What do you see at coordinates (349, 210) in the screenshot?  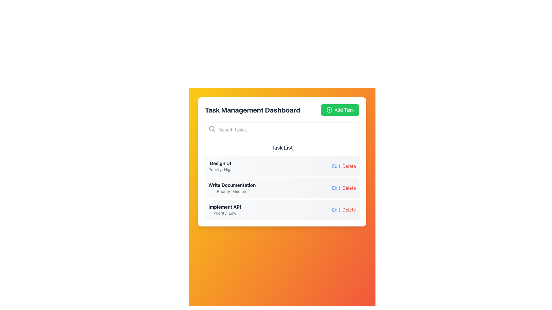 I see `the red 'Delete' text link, which is styled to change appearance when hovered over, located to the right of the 'Edit' link in the task entry for 'Implement API.'` at bounding box center [349, 210].